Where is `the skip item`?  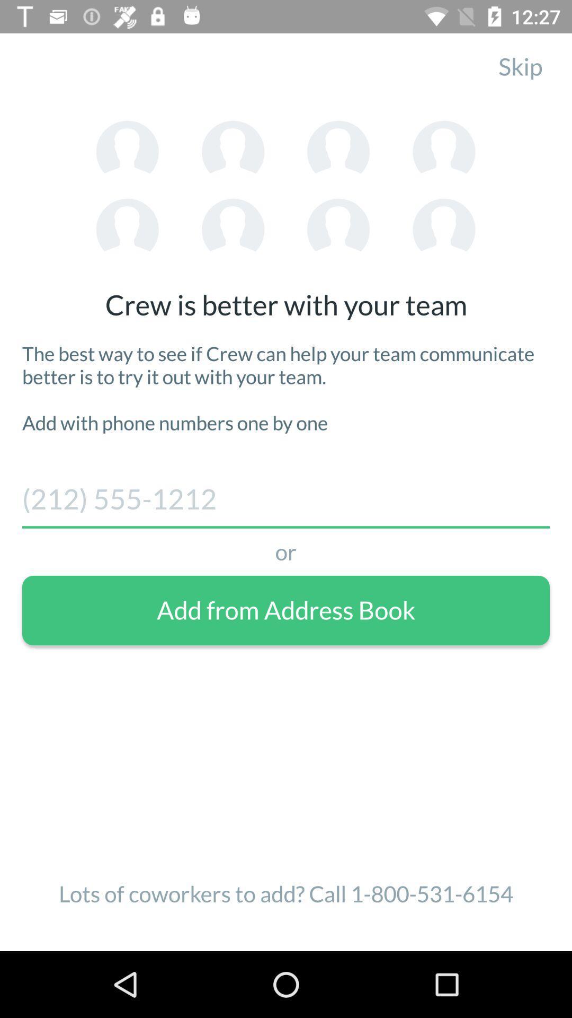
the skip item is located at coordinates (531, 66).